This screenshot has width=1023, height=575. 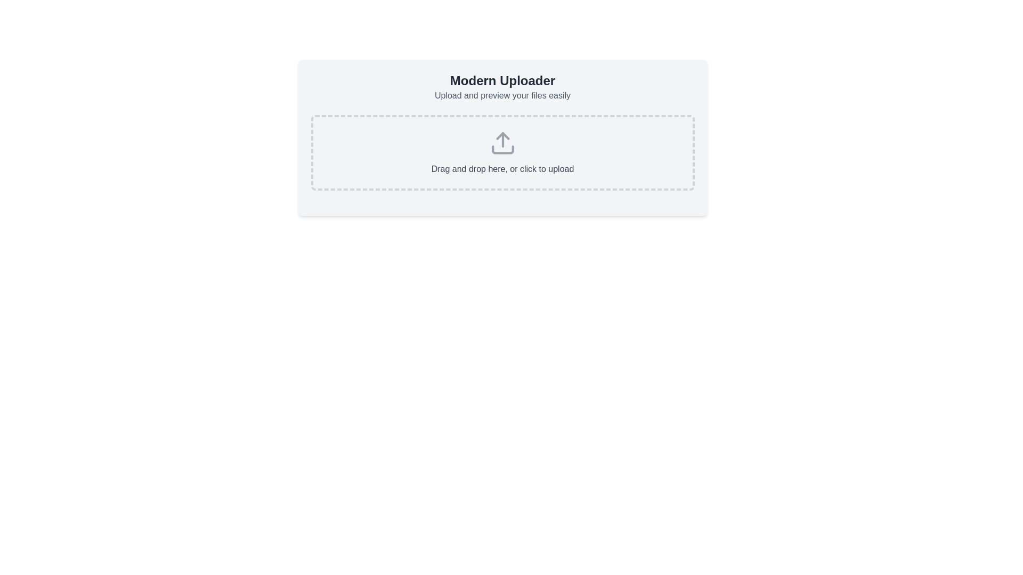 What do you see at coordinates (502, 96) in the screenshot?
I see `the static text label that provides context for the uploading functionality, located beneath the title 'Modern Uploader'` at bounding box center [502, 96].